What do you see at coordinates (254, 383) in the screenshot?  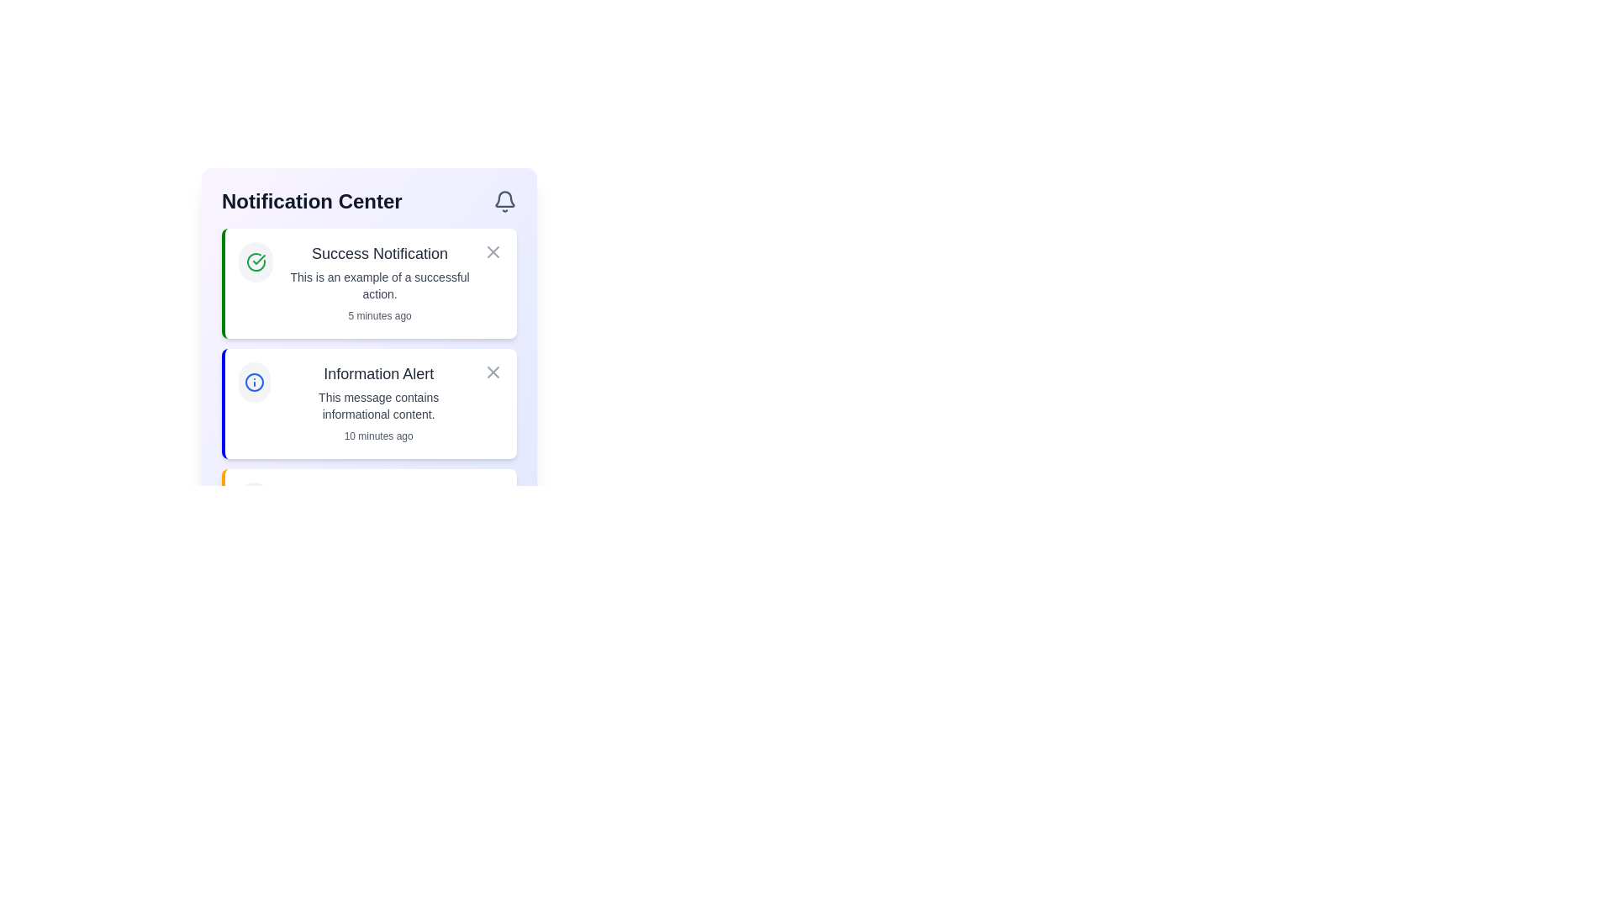 I see `small circular icon with a blue outline and information symbol located in the left section of the 'Information Alert' card in the 'Notification Center' interface` at bounding box center [254, 383].